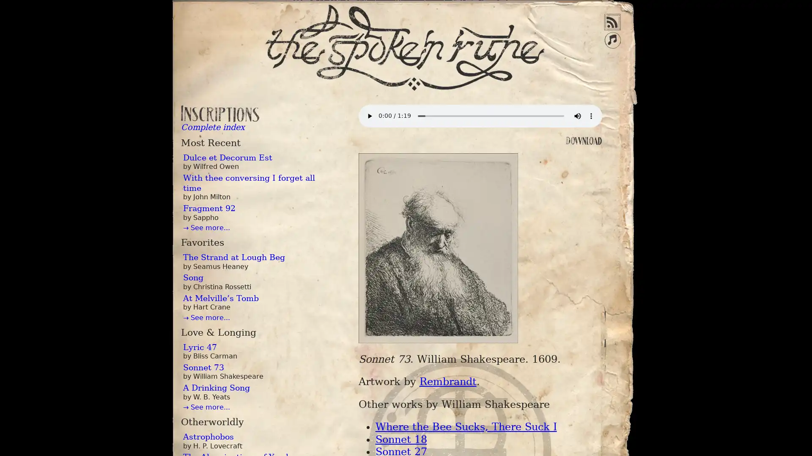 This screenshot has width=812, height=456. I want to click on mute, so click(576, 116).